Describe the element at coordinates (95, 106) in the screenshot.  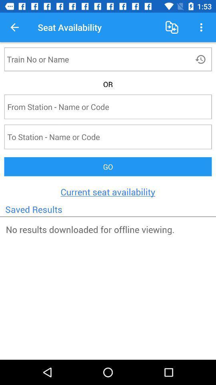
I see `text` at that location.